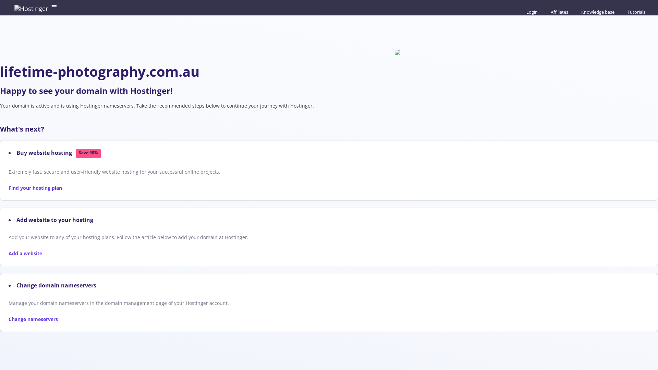 This screenshot has height=370, width=658. I want to click on 'Login', so click(531, 12).